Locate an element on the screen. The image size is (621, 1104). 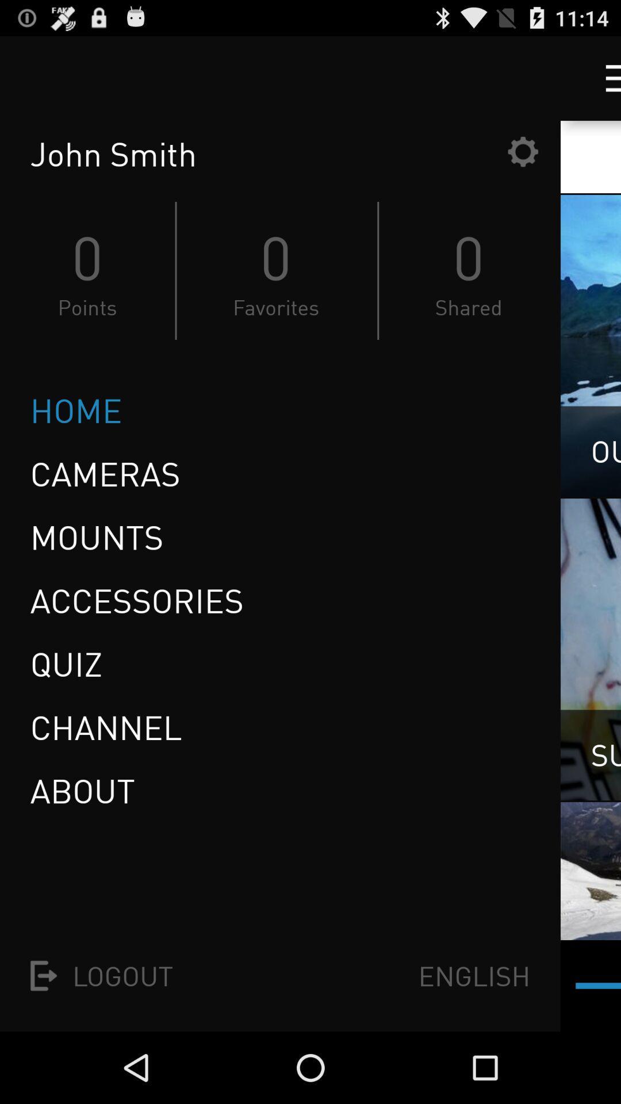
home icon is located at coordinates (76, 411).